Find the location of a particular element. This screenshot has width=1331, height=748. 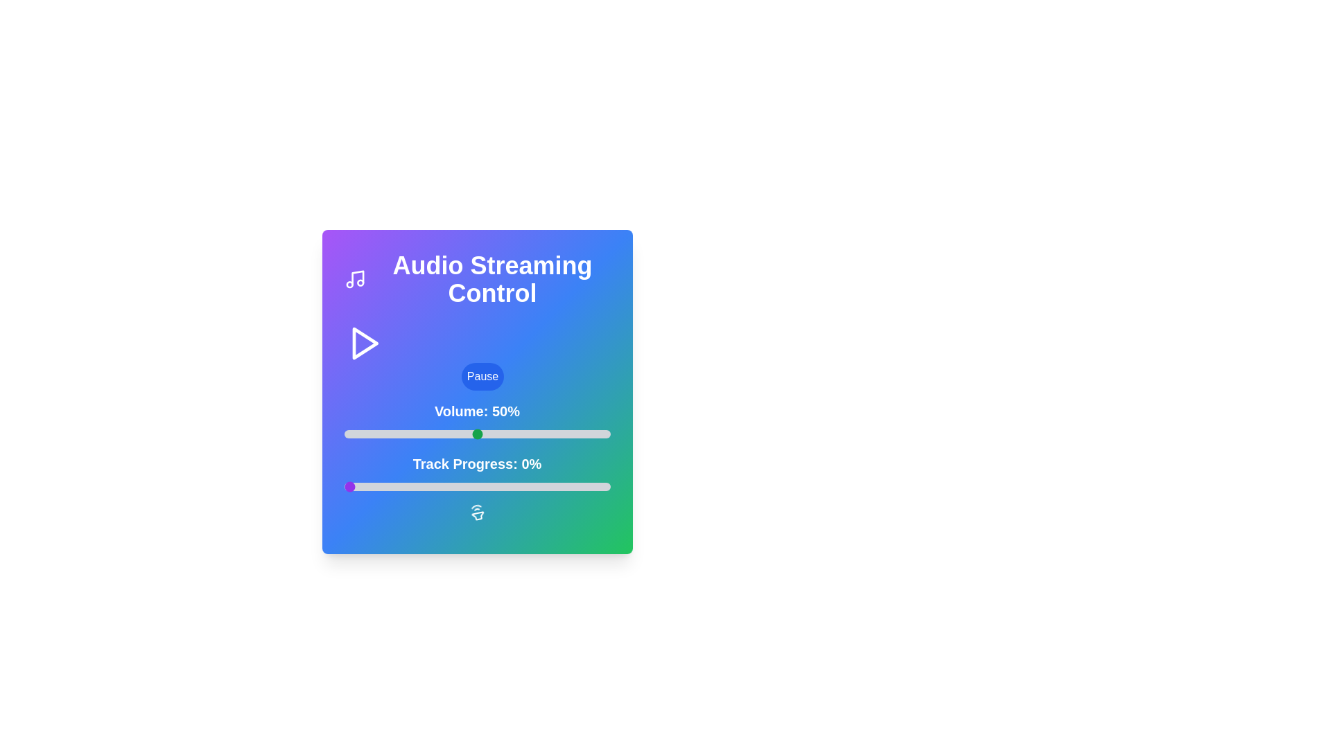

the volume slider to 83% is located at coordinates (565, 434).